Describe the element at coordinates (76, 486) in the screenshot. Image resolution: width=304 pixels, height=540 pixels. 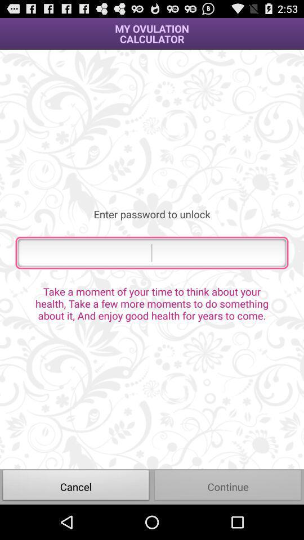
I see `button to the left of continue` at that location.